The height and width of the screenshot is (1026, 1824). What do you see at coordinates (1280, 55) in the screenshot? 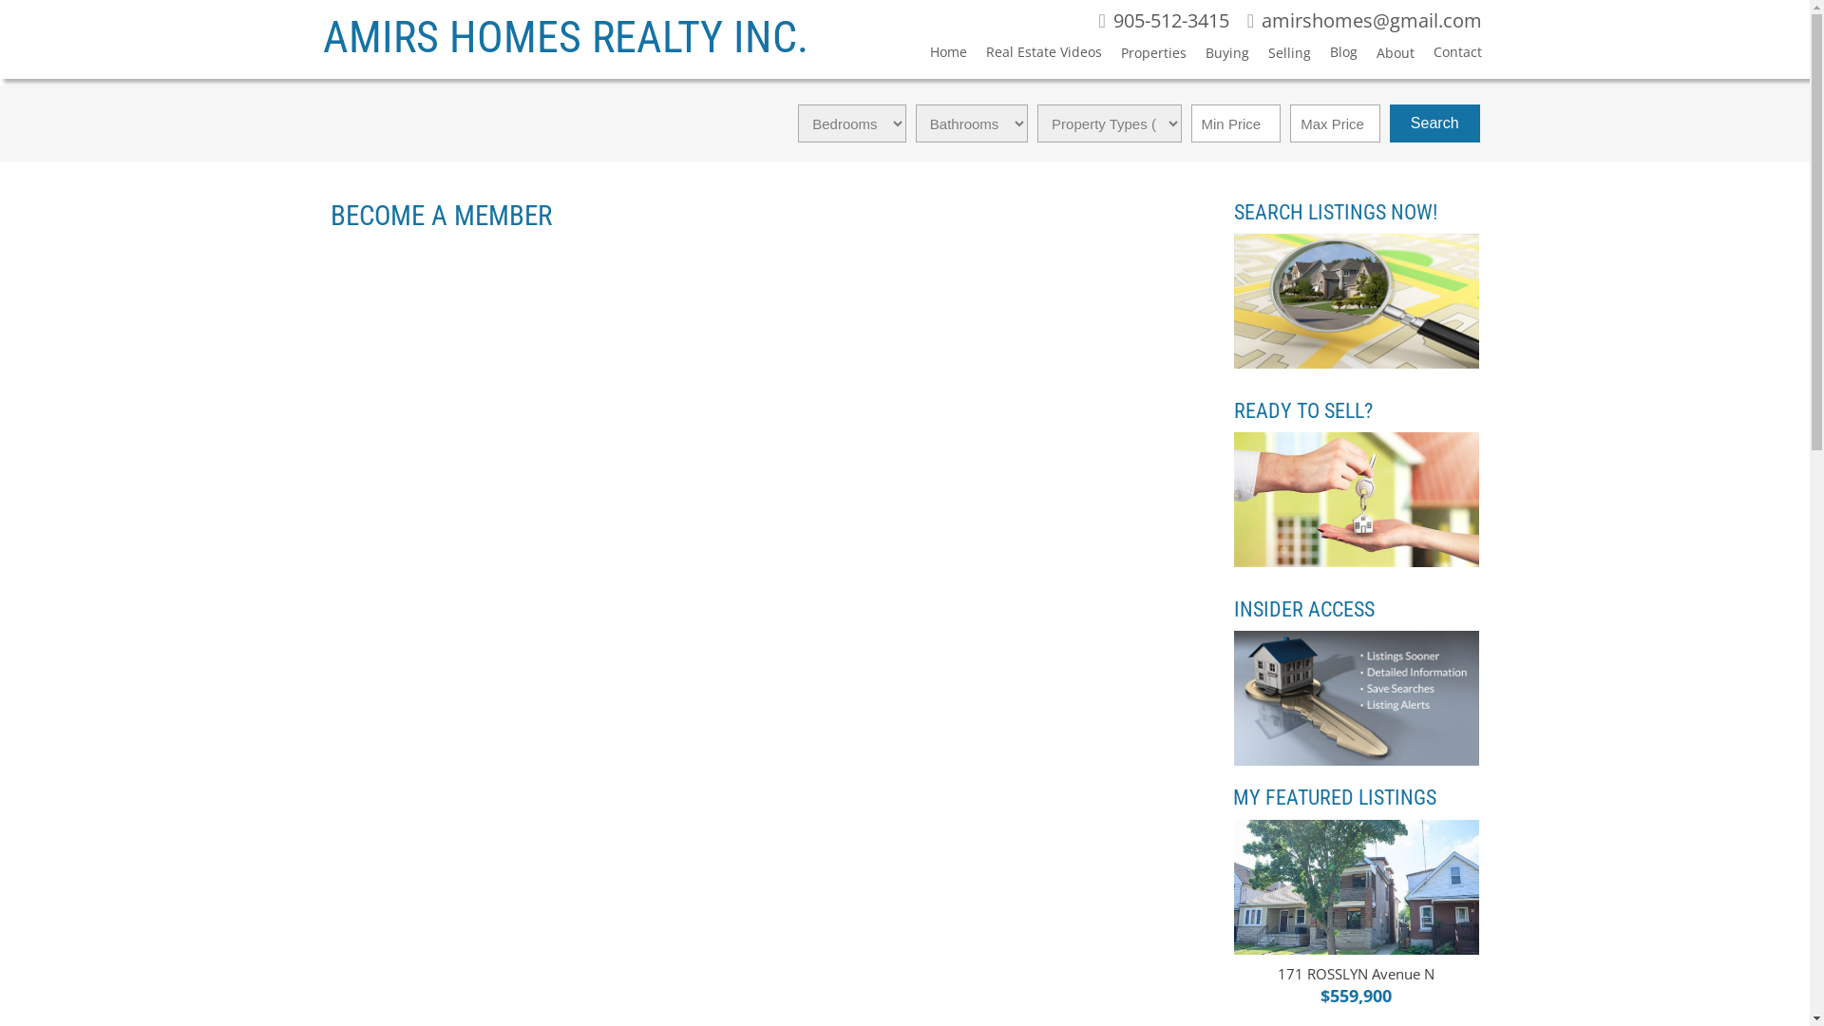
I see `'Selling'` at bounding box center [1280, 55].